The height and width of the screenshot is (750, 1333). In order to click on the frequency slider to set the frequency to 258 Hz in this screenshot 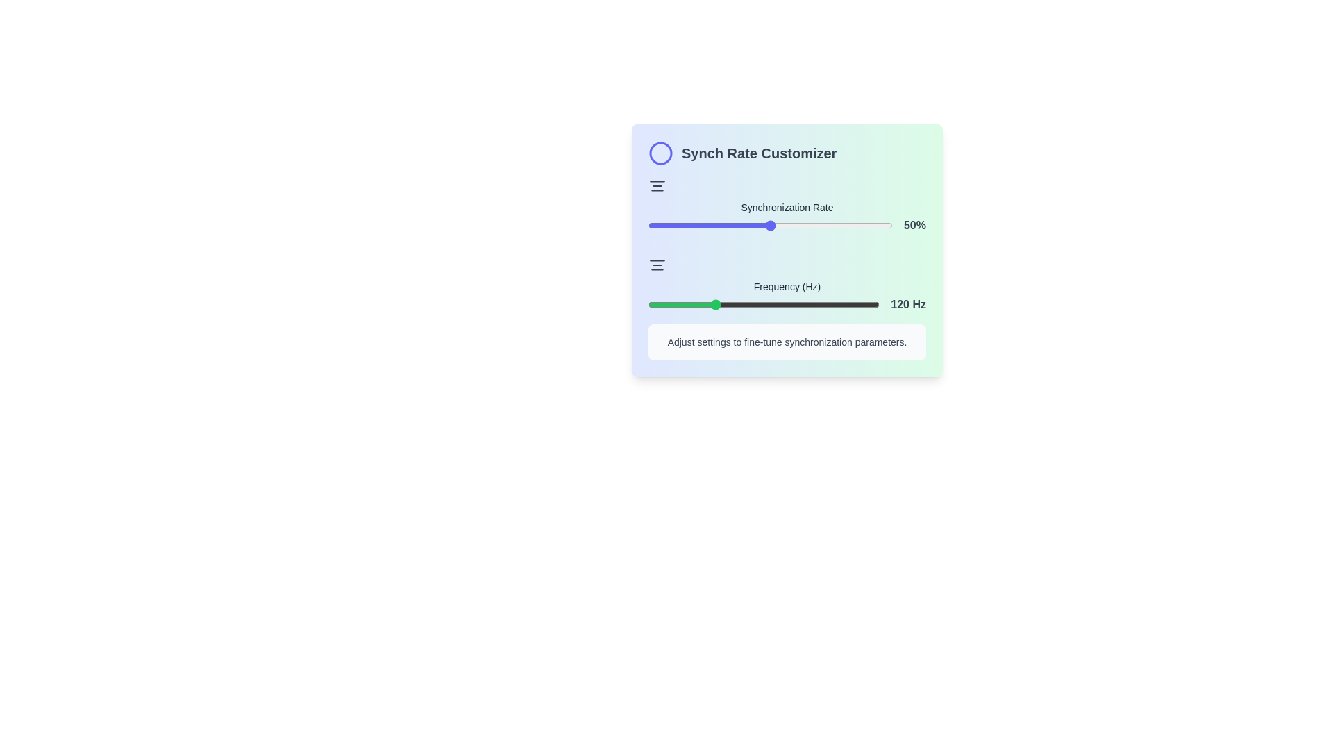, I will do `click(840, 304)`.